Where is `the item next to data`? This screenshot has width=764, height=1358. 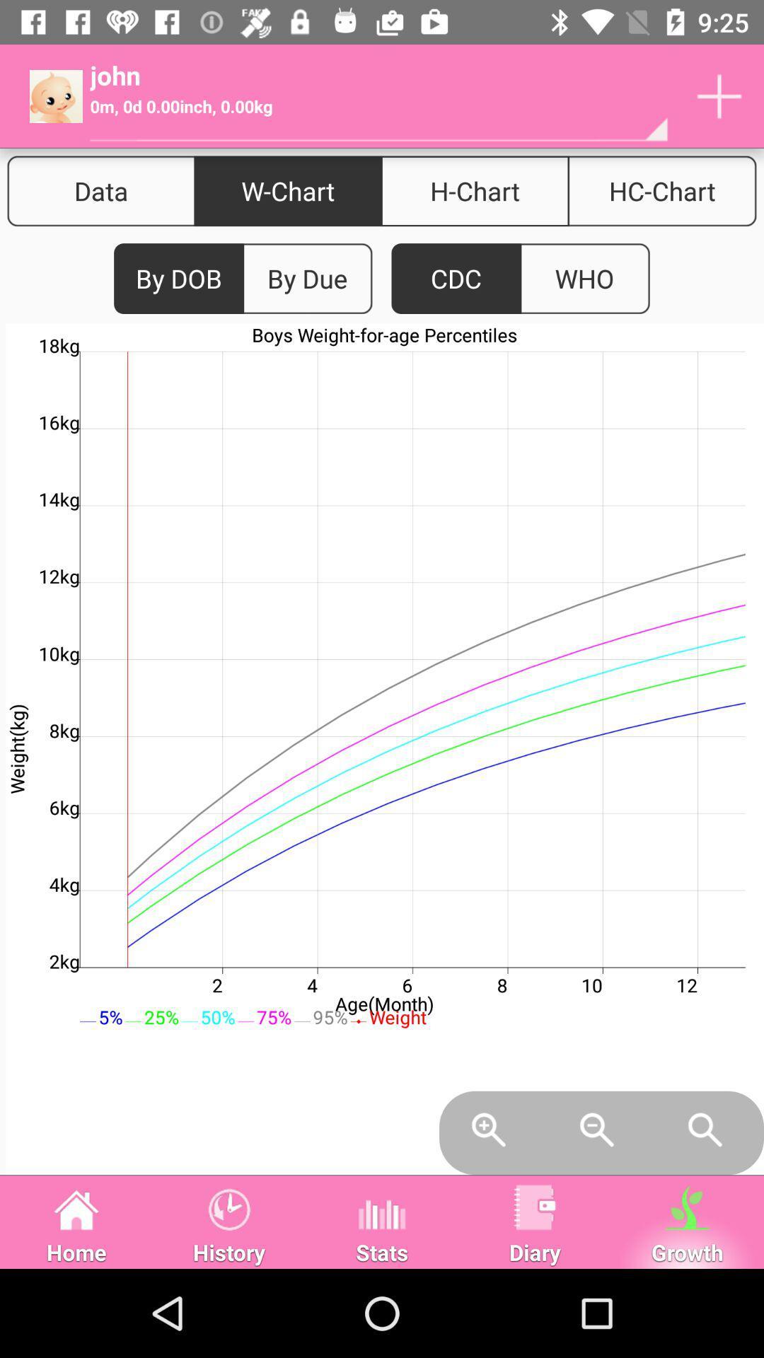 the item next to data is located at coordinates (287, 190).